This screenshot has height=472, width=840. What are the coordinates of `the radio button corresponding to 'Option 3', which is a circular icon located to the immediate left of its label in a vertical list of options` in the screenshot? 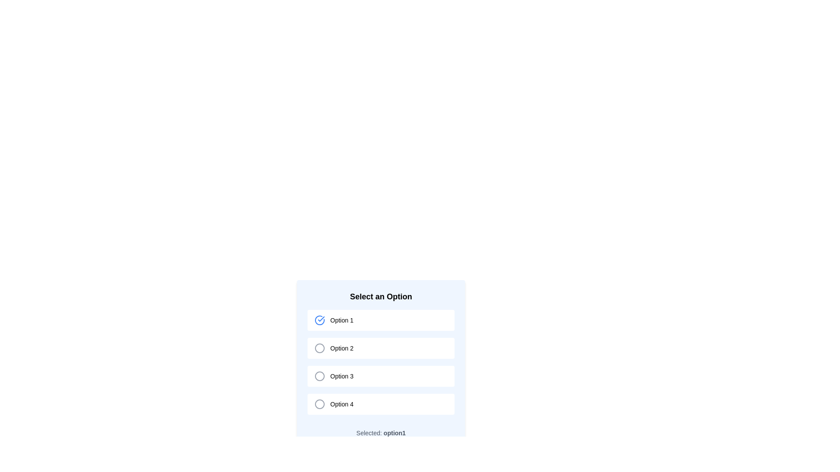 It's located at (319, 375).